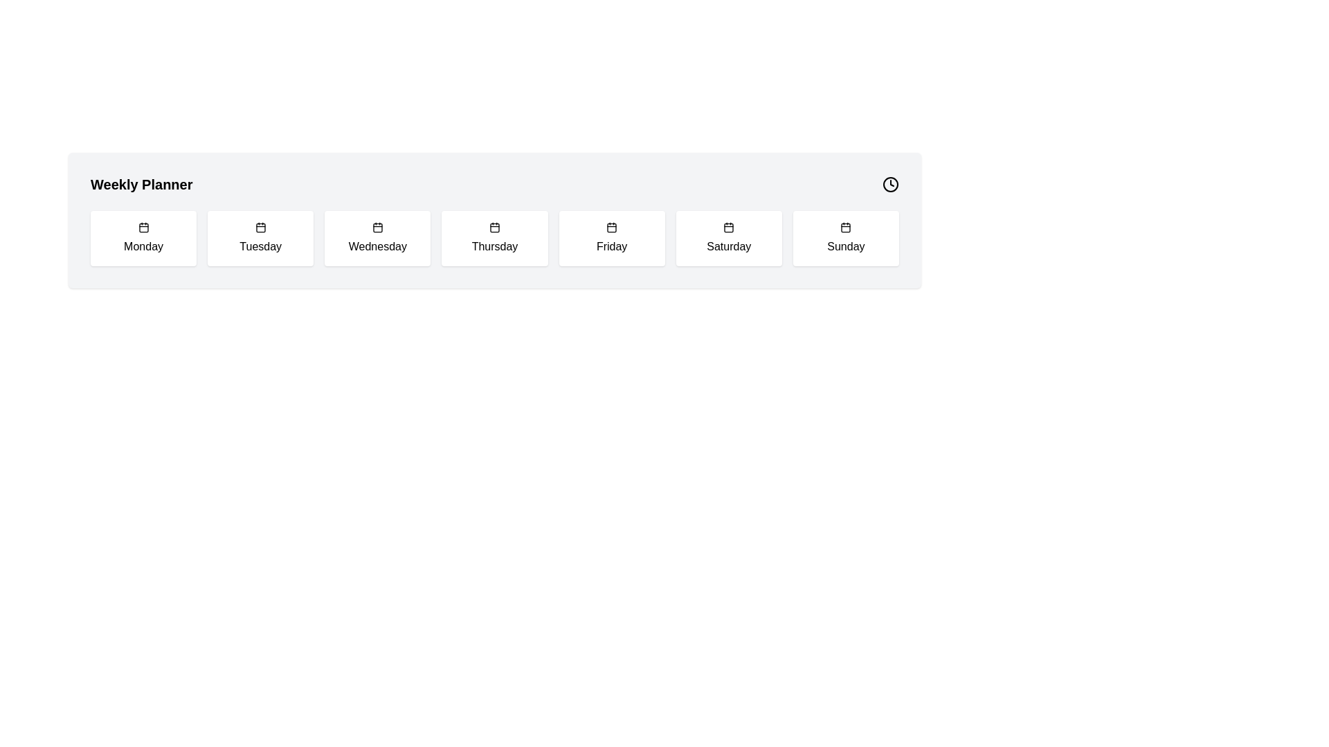 Image resolution: width=1329 pixels, height=747 pixels. Describe the element at coordinates (260, 226) in the screenshot. I see `the Calendar icon representing 'Tuesday'` at that location.